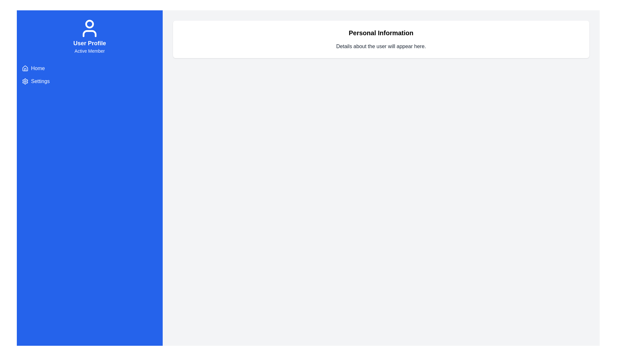 The image size is (621, 349). Describe the element at coordinates (89, 28) in the screenshot. I see `the user avatar icon, which is a white outlined icon on a blue background located in the header section above 'User Profile' and 'Active Member' in the sidebar` at that location.